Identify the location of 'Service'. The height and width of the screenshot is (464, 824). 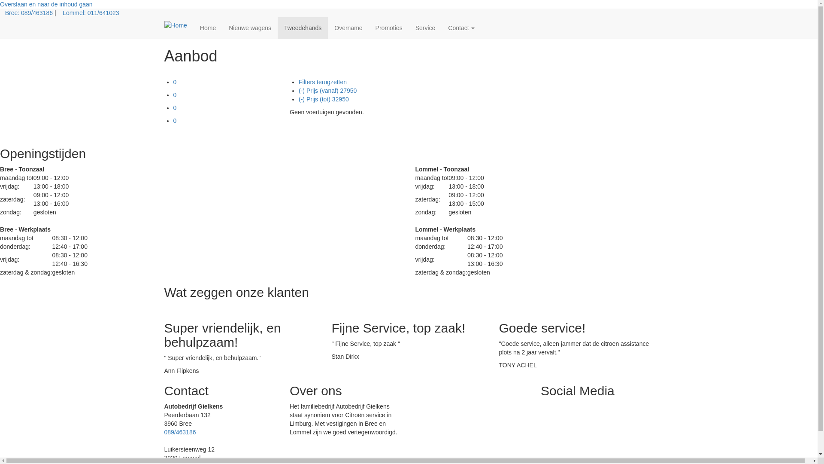
(425, 27).